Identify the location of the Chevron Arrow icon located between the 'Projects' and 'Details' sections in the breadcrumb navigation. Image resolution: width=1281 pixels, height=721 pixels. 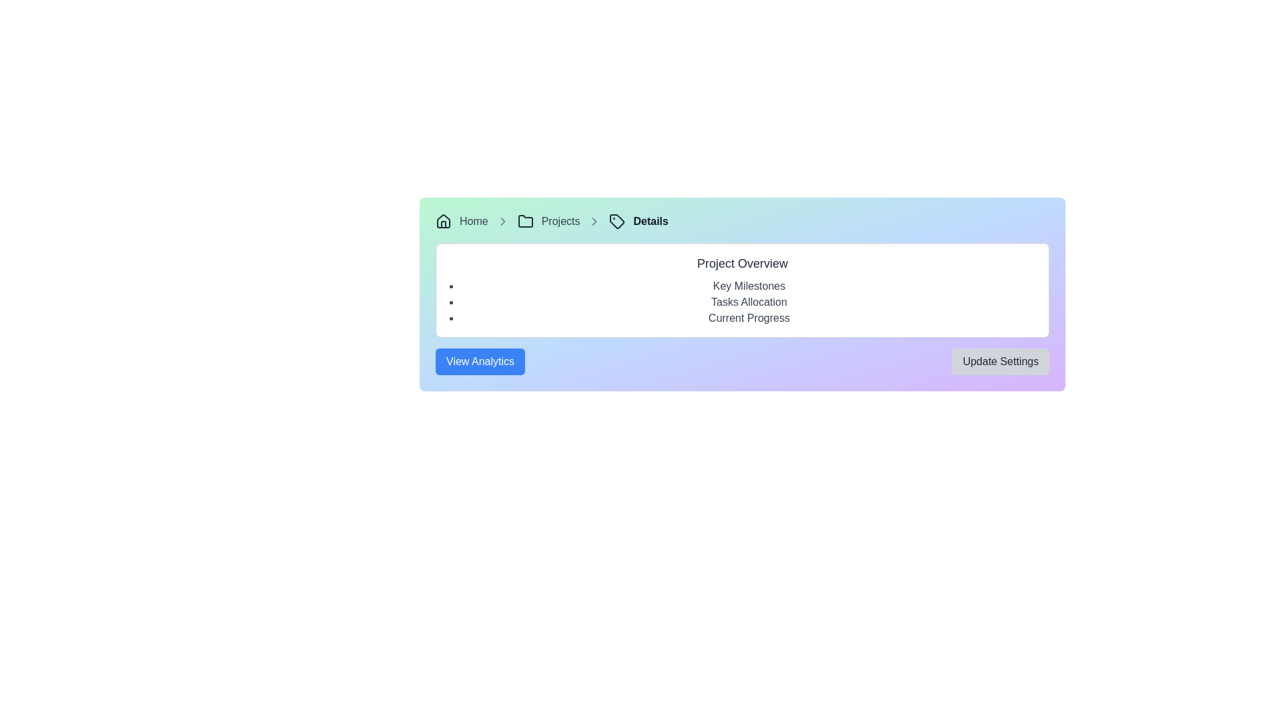
(594, 220).